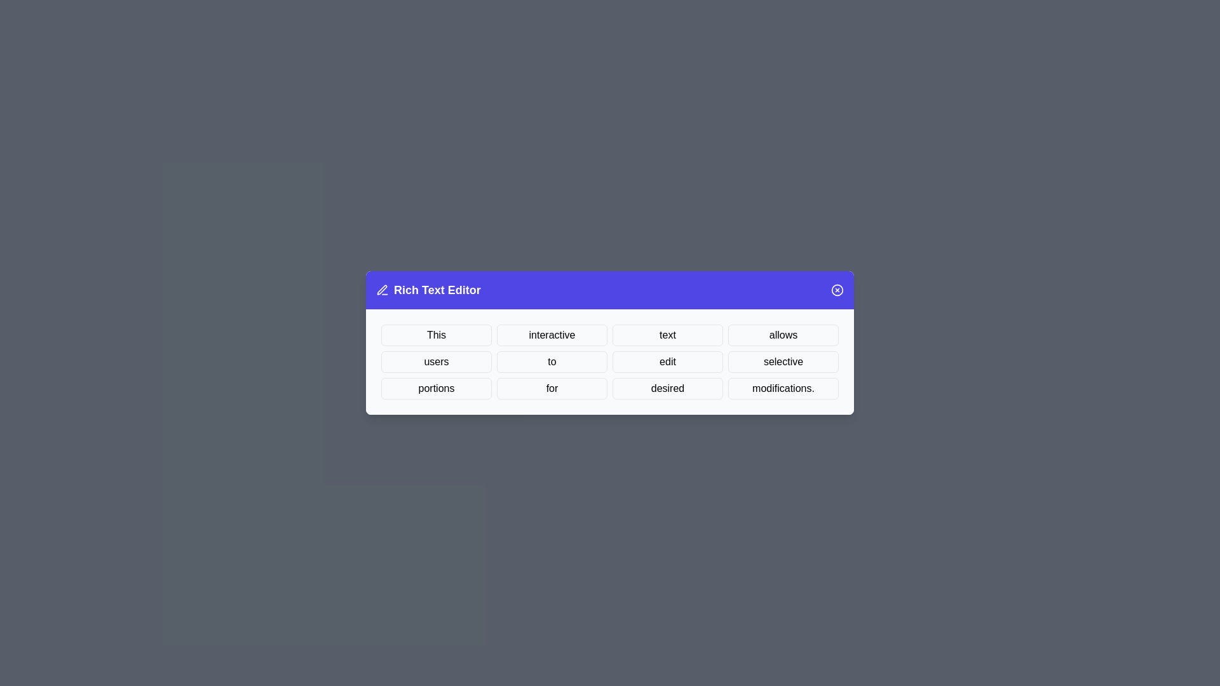 The image size is (1220, 686). I want to click on the word portions to select it, so click(436, 388).